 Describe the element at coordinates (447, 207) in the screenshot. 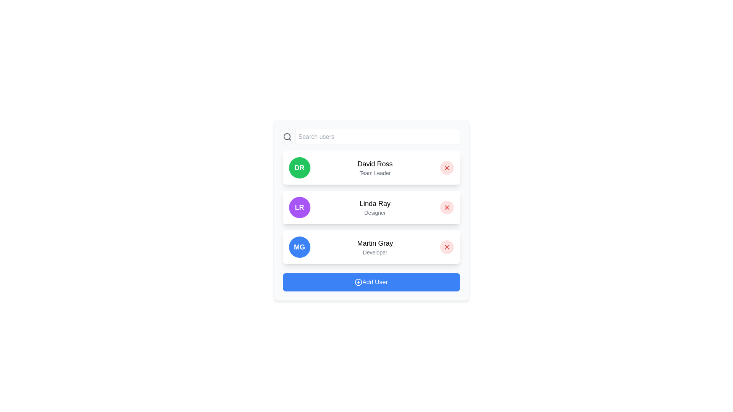

I see `the small red cross-shaped graphic indicating a closing or deletion action associated with 'Linda Ray'` at that location.